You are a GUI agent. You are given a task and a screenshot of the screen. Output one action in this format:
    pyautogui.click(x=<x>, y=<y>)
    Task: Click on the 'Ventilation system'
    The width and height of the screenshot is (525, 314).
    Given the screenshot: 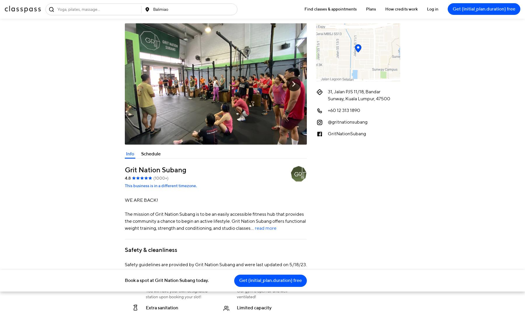 What is the action you would take?
    pyautogui.click(x=256, y=283)
    